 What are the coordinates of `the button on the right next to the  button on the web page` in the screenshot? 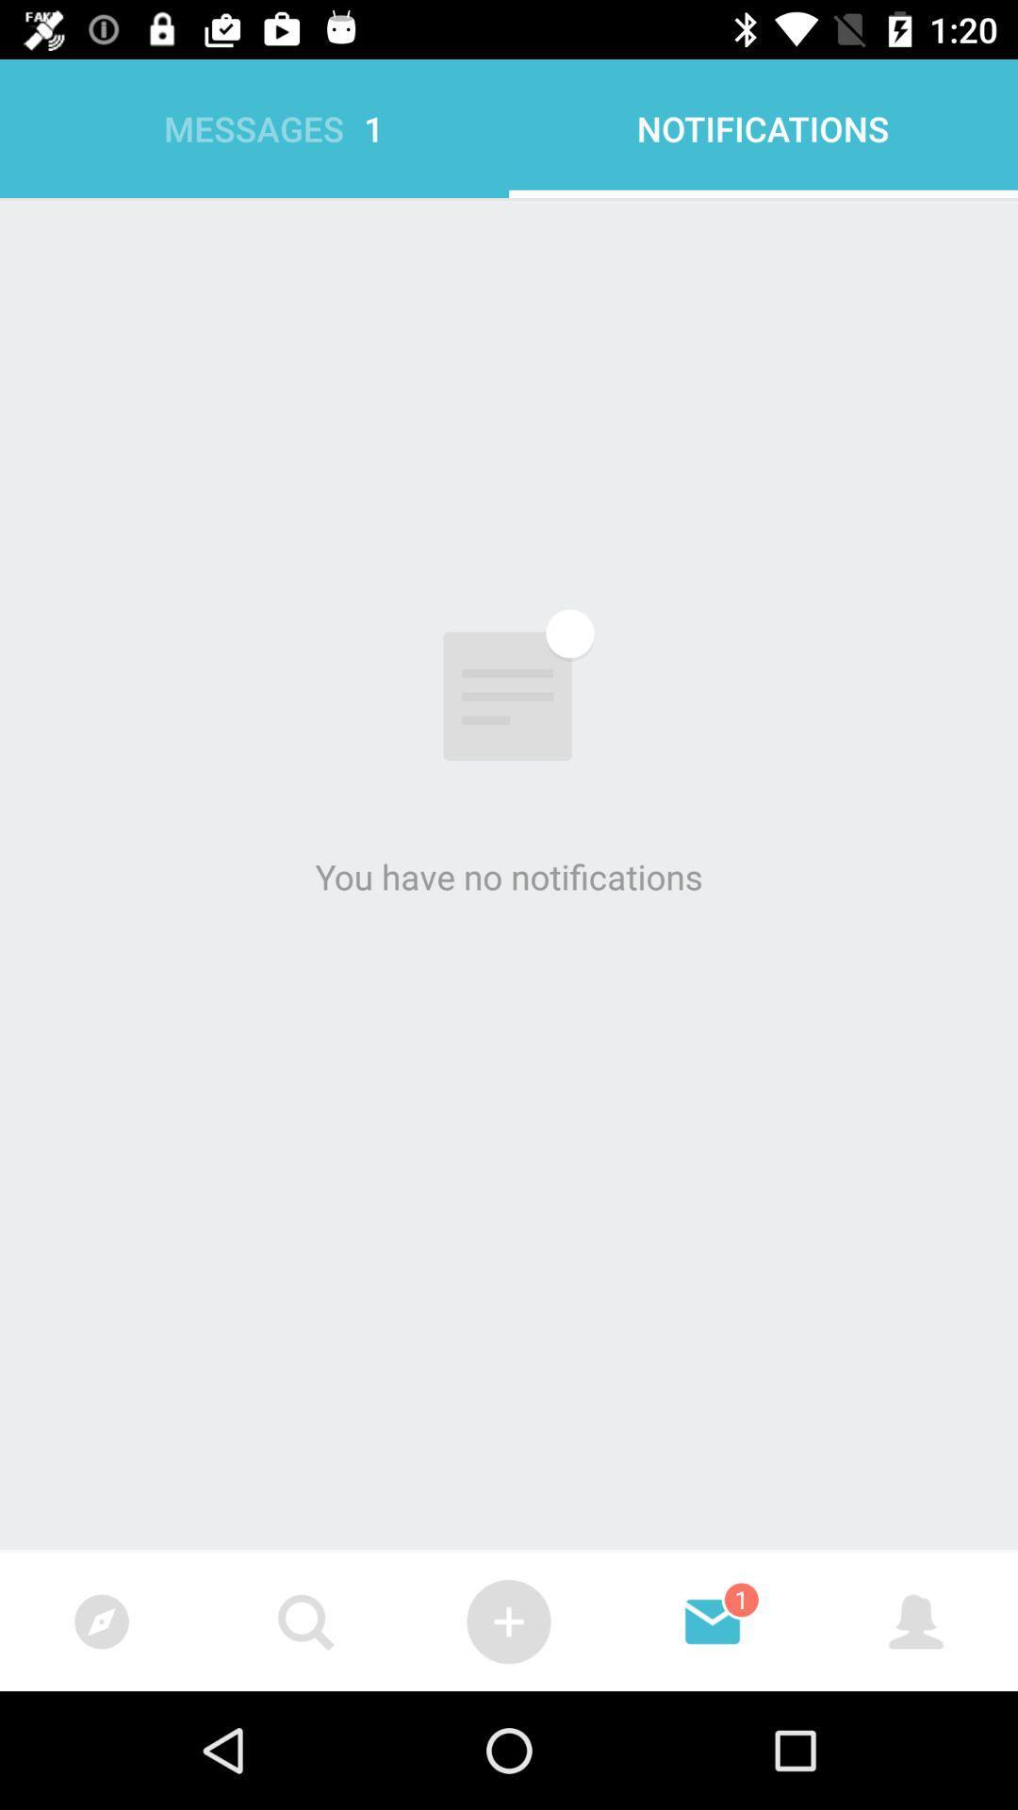 It's located at (713, 1621).